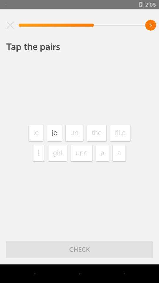 The width and height of the screenshot is (159, 283). I want to click on the icon at the top left corner, so click(10, 25).